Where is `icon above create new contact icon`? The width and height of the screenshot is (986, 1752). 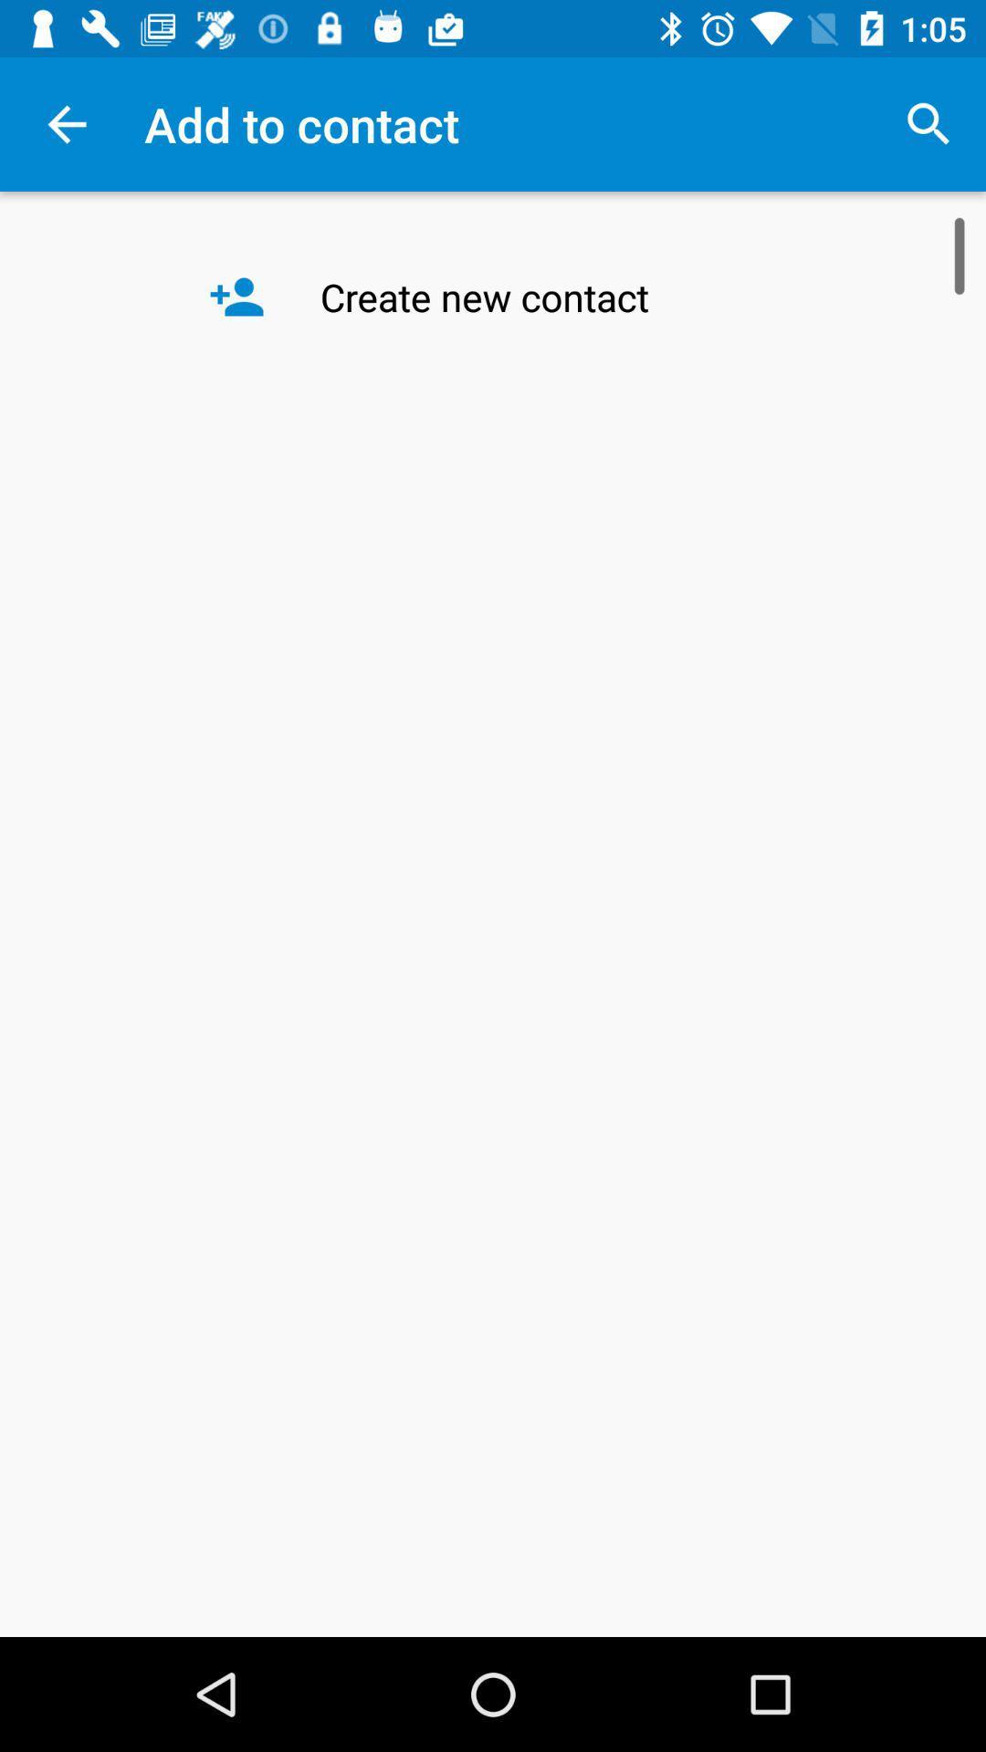 icon above create new contact icon is located at coordinates (928, 123).